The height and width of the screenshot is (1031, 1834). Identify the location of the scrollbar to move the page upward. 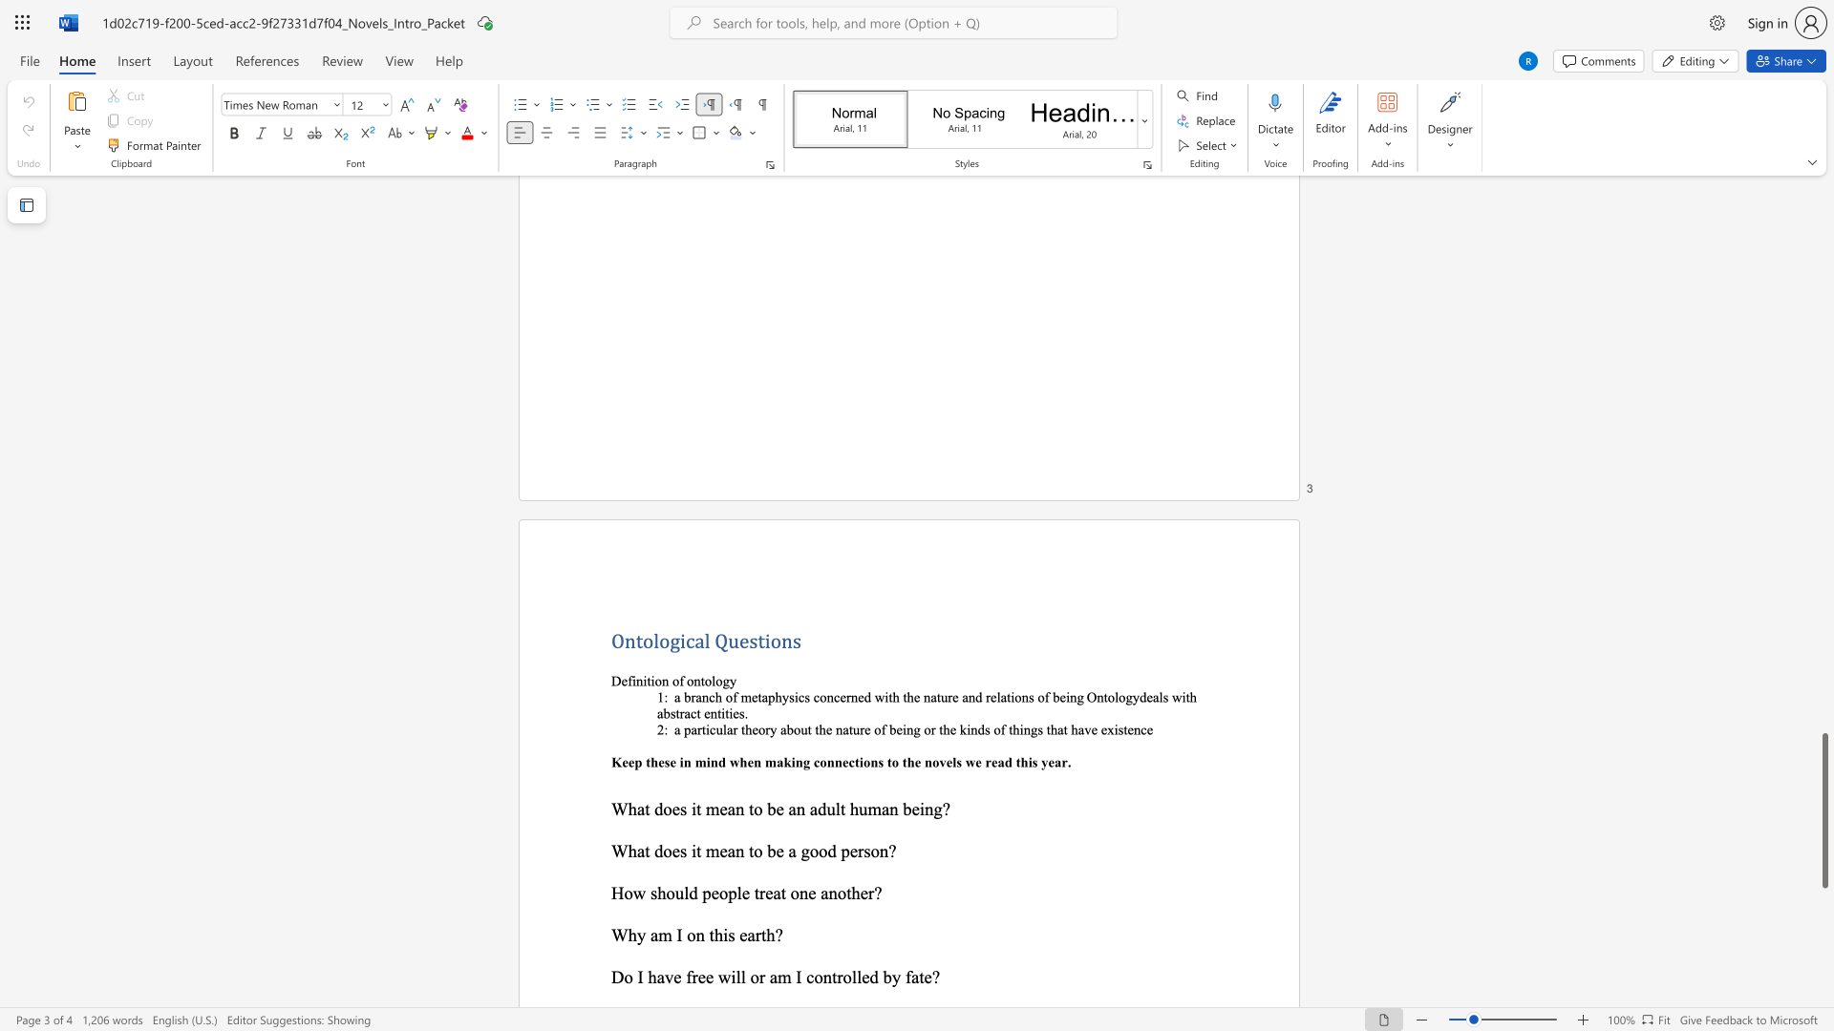
(1823, 323).